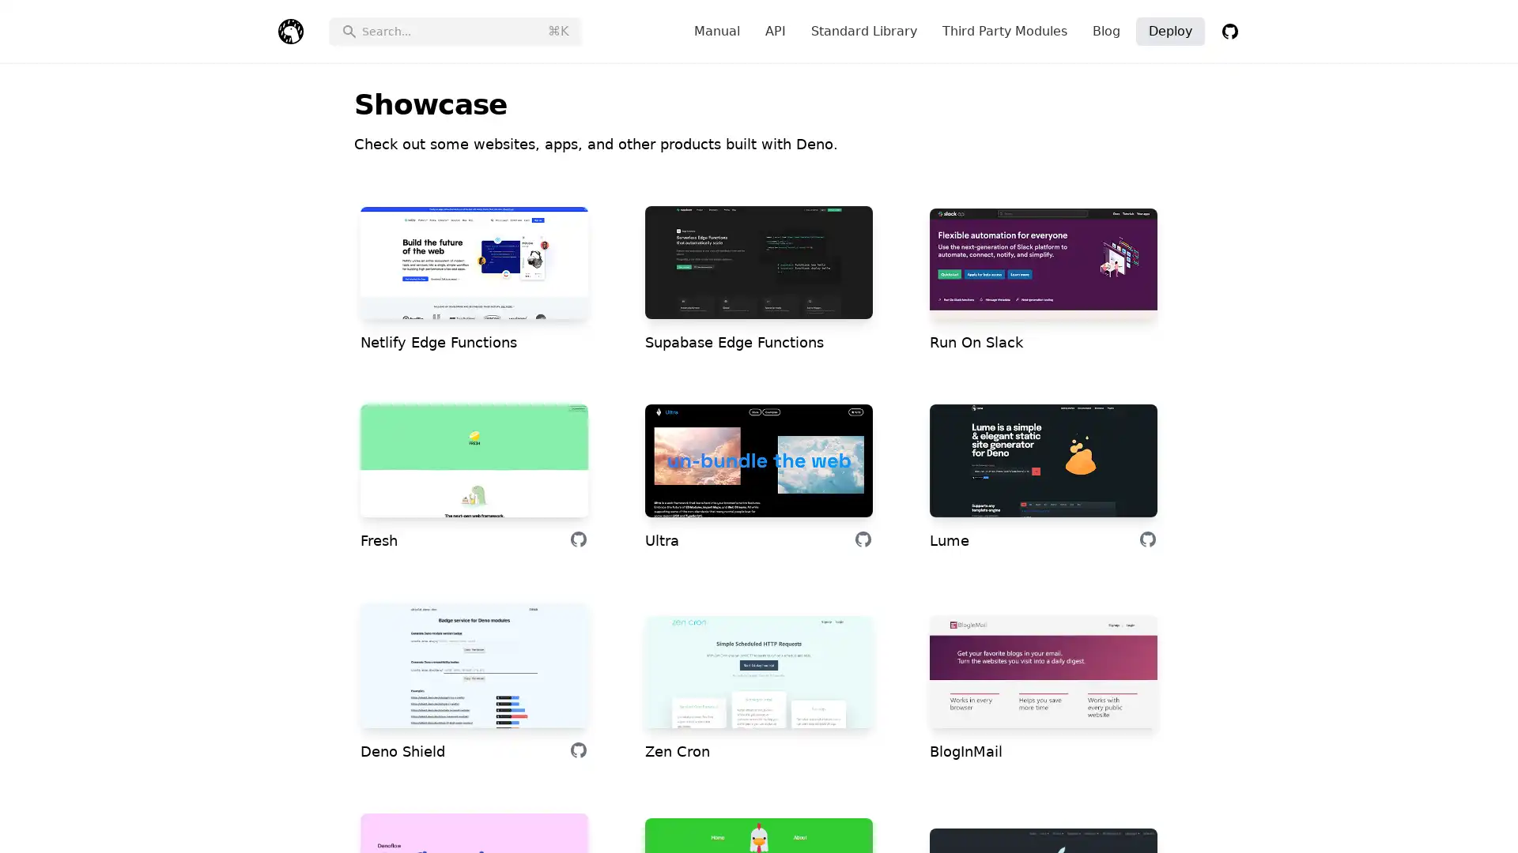 This screenshot has height=853, width=1518. What do you see at coordinates (455, 31) in the screenshot?
I see `Search... K` at bounding box center [455, 31].